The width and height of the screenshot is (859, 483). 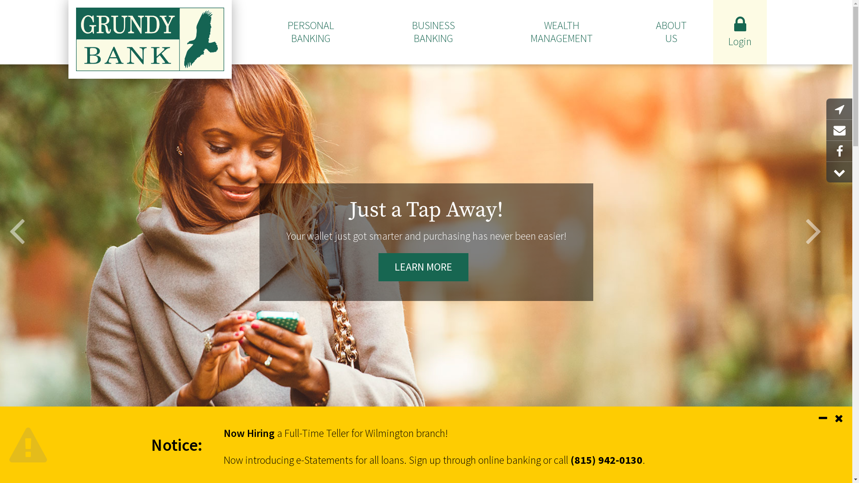 I want to click on 'Email Us', so click(x=839, y=130).